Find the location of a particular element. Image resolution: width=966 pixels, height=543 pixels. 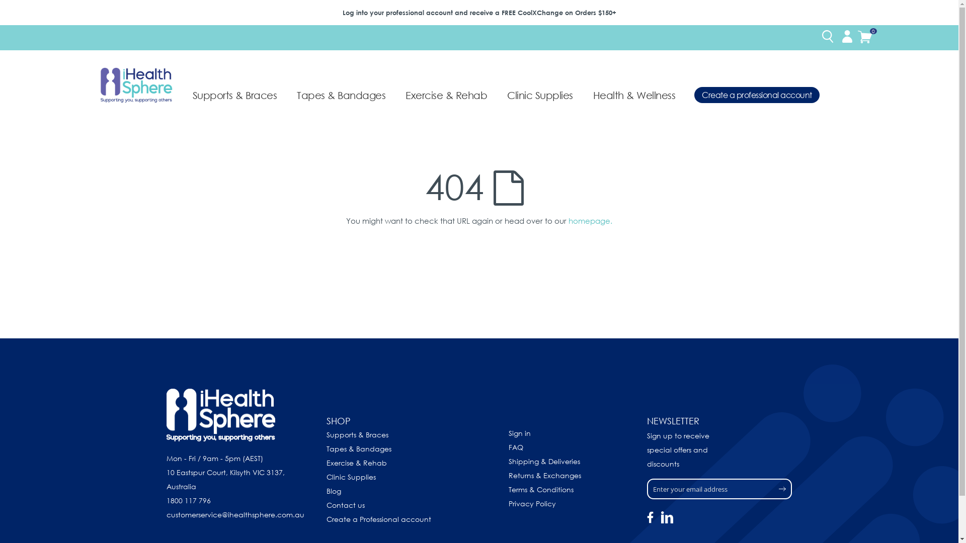

'1800 117 796' is located at coordinates (188, 500).